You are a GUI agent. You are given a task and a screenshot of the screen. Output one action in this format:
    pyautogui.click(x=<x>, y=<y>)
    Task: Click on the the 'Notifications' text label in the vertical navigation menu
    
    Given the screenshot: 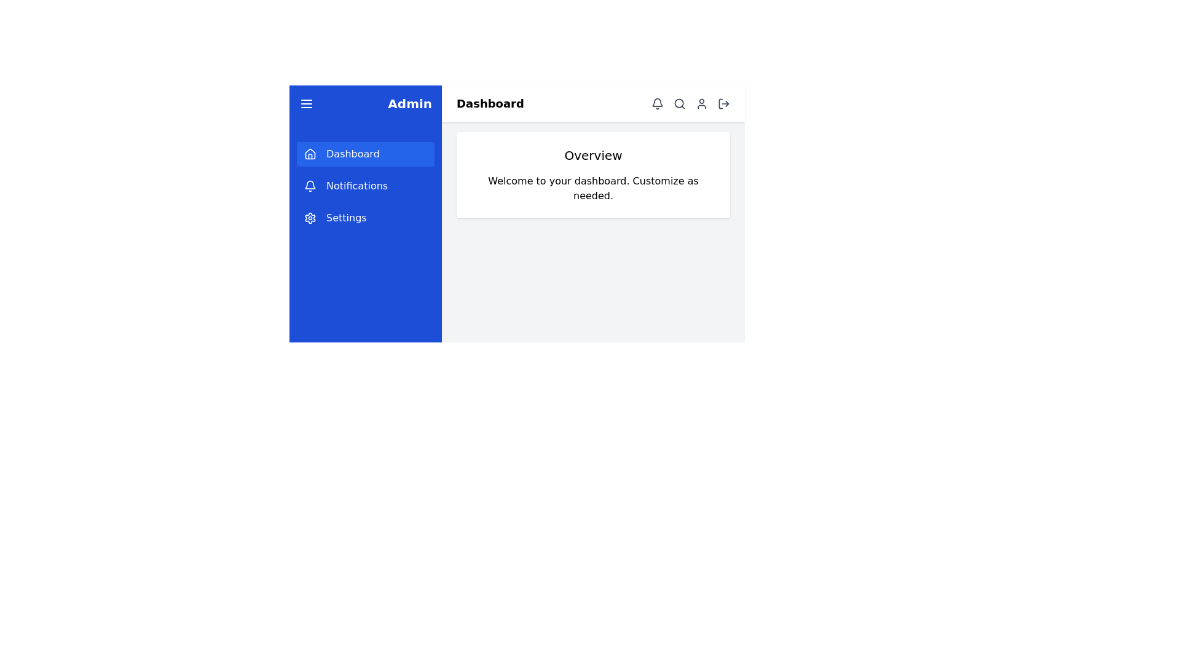 What is the action you would take?
    pyautogui.click(x=356, y=186)
    